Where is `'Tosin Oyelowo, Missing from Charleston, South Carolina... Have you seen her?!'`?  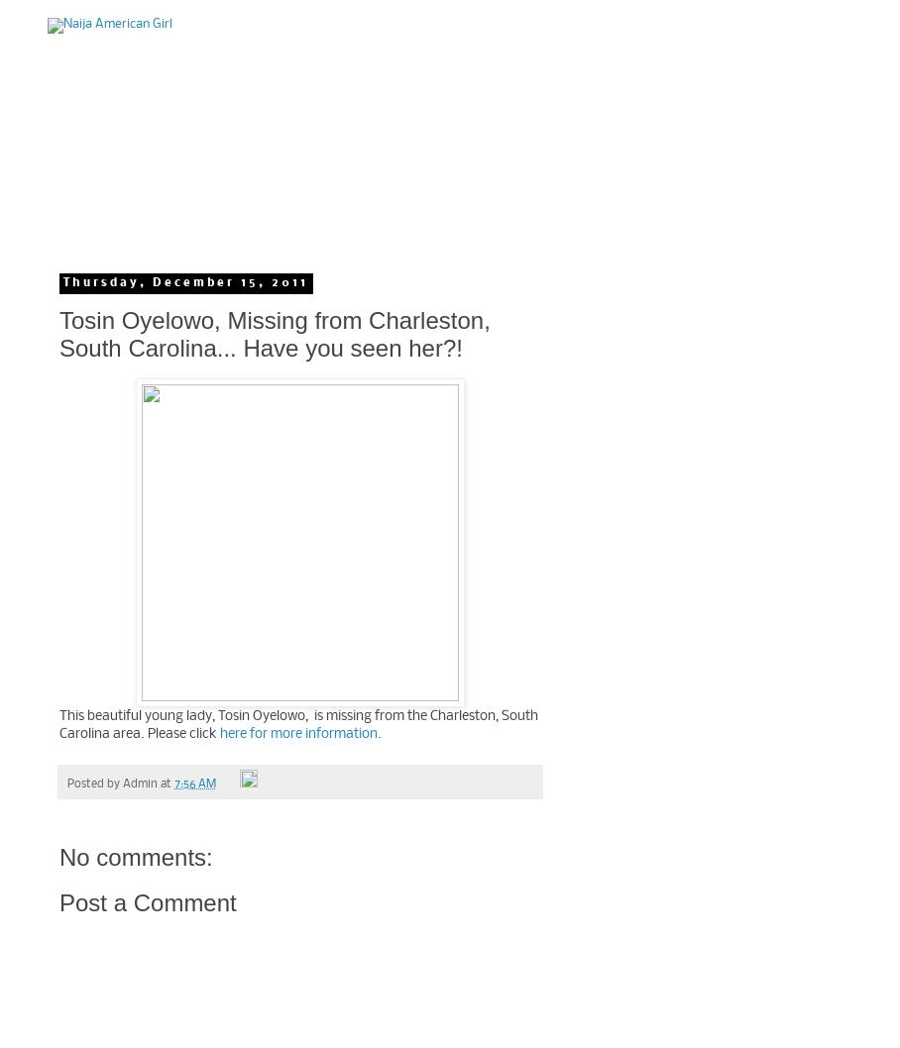 'Tosin Oyelowo, Missing from Charleston, South Carolina... Have you seen her?!' is located at coordinates (275, 333).